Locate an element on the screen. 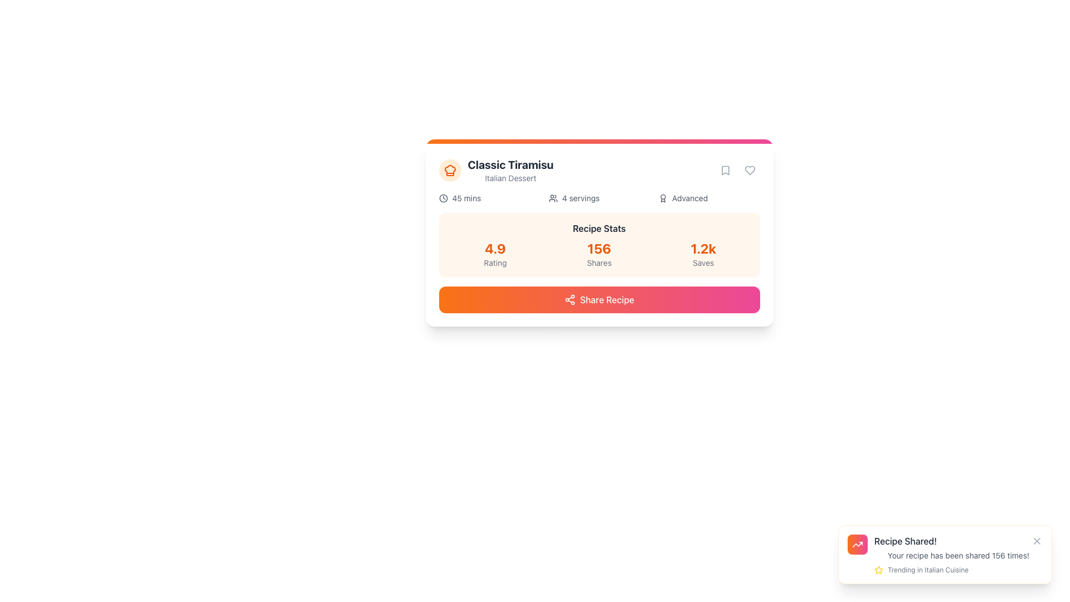 This screenshot has height=602, width=1070. the informational text display showing the number of saves for the recipe, located in the bottom-right corner of the 'Recipe Stats' section is located at coordinates (703, 254).